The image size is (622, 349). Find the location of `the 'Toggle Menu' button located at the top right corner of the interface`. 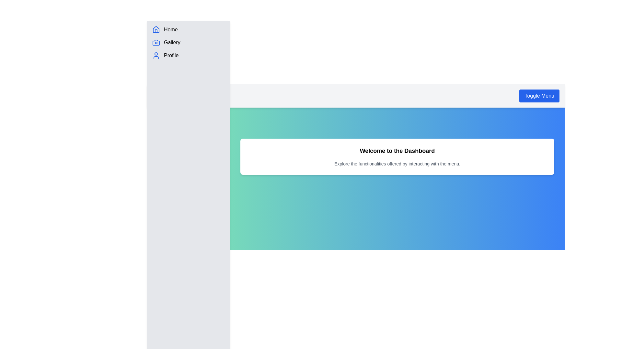

the 'Toggle Menu' button located at the top right corner of the interface is located at coordinates (539, 96).